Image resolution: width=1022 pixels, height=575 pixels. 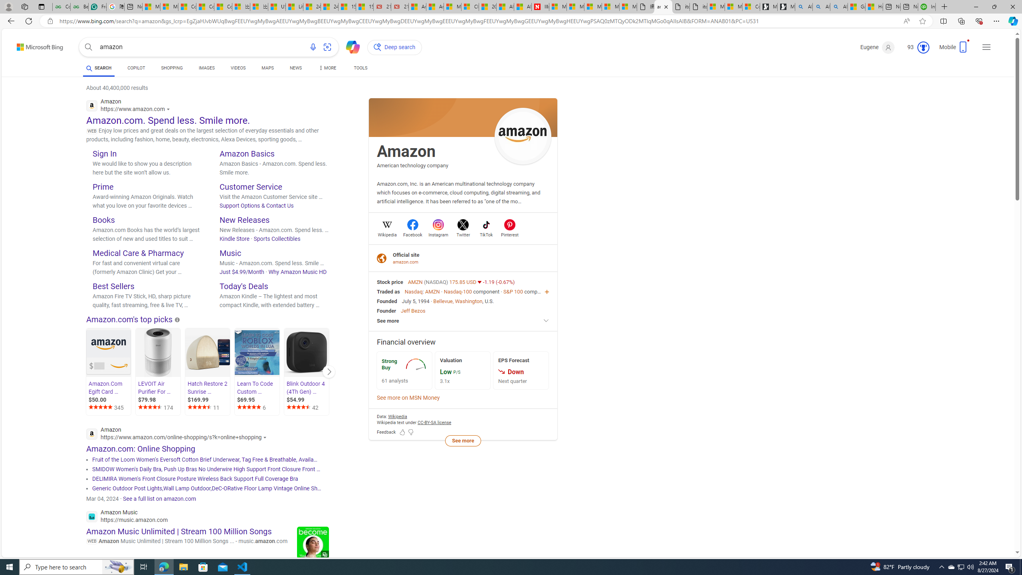 What do you see at coordinates (462, 370) in the screenshot?
I see `'Valuation Low P/S 3.1x'` at bounding box center [462, 370].